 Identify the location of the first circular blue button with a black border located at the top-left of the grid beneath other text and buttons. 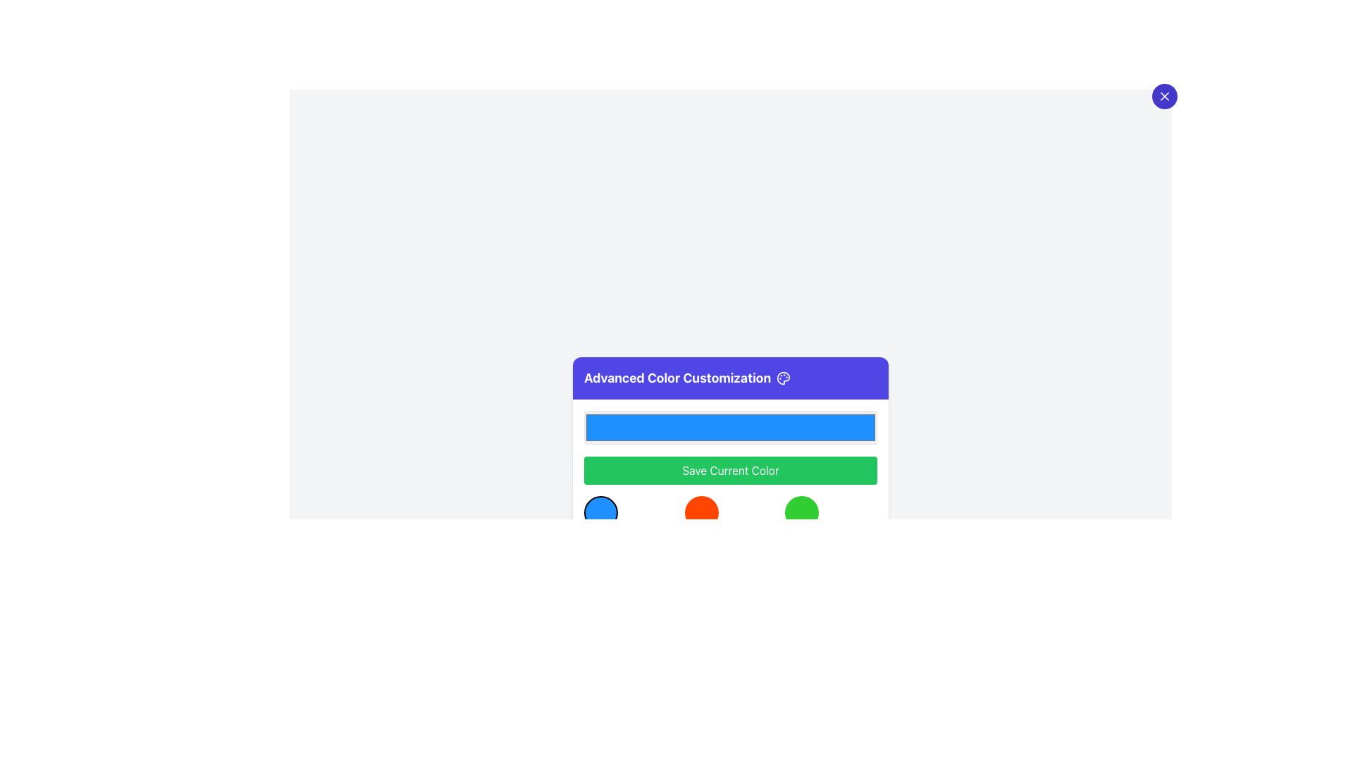
(601, 512).